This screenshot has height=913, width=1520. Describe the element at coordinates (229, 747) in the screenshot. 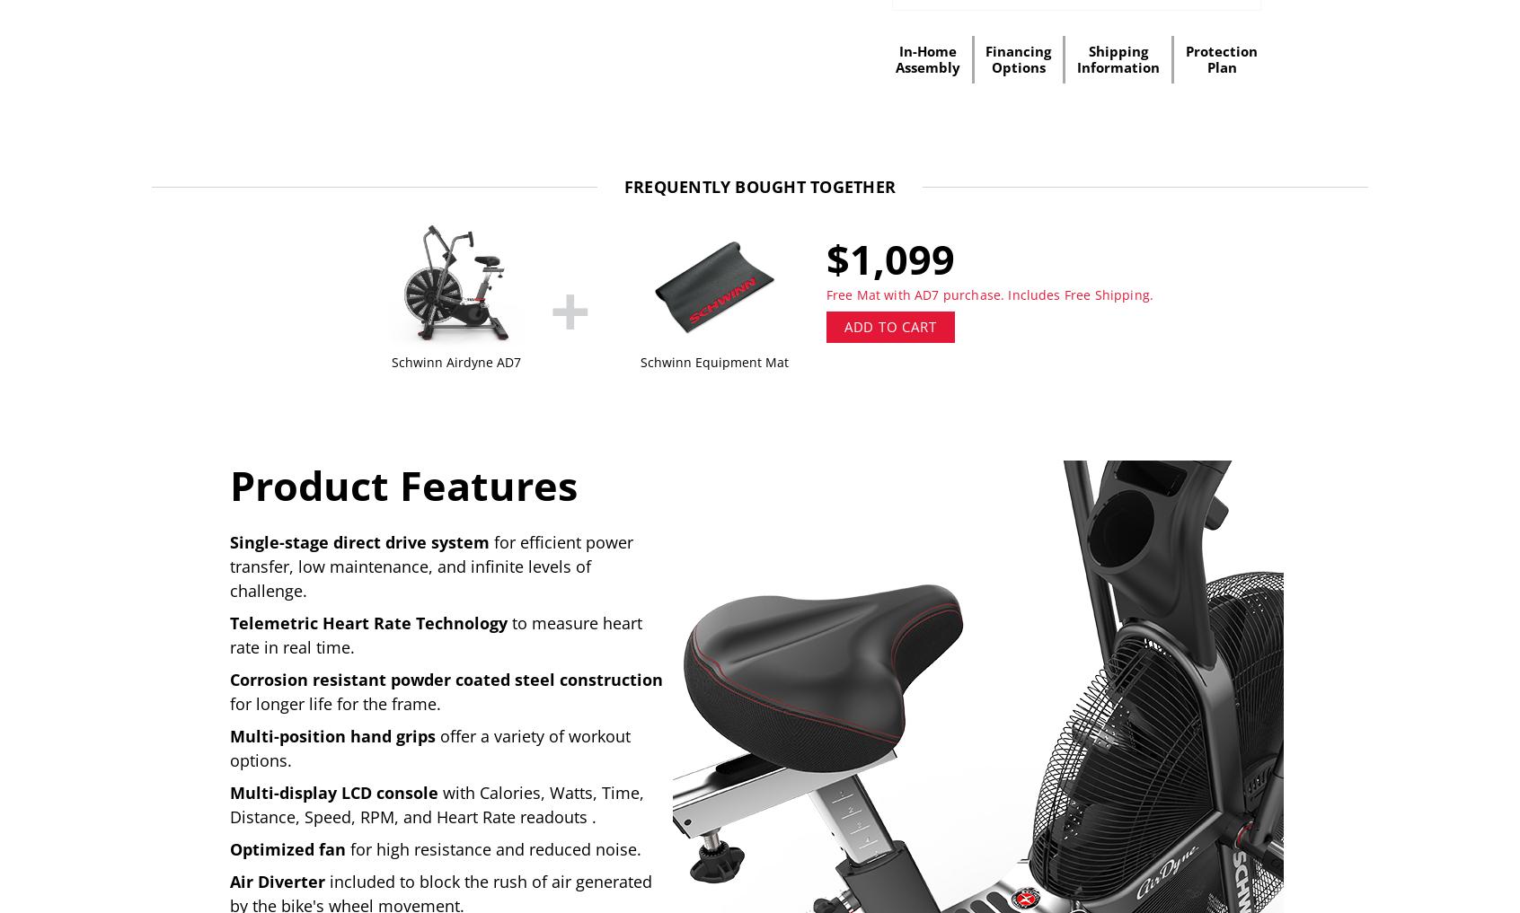

I see `'offer a variety of workout options.'` at that location.